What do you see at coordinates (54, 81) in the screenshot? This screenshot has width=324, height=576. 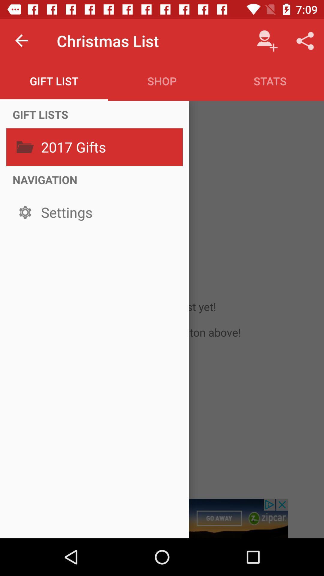 I see `gift list` at bounding box center [54, 81].